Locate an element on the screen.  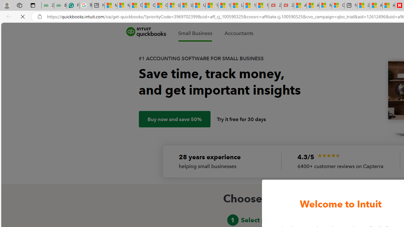
'USA TODAY - MSN' is located at coordinates (199, 5).